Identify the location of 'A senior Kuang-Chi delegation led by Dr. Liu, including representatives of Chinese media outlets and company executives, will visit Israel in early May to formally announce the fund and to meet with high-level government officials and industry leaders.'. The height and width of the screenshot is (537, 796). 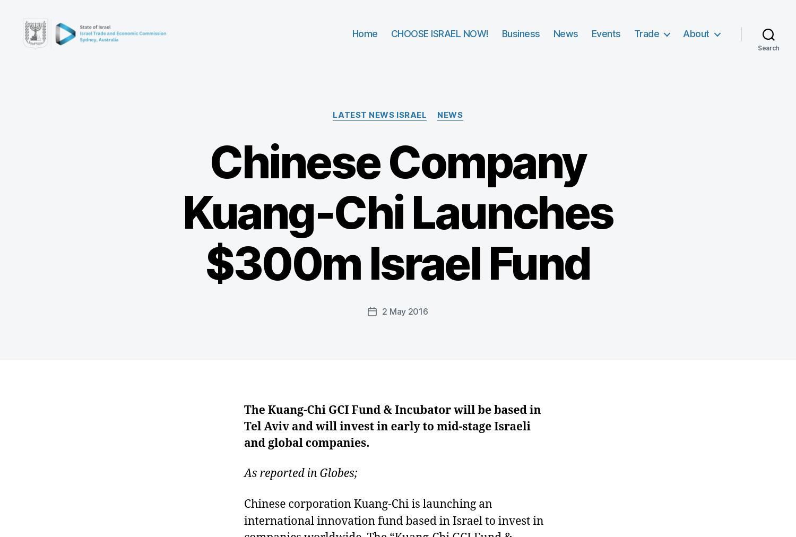
(388, 57).